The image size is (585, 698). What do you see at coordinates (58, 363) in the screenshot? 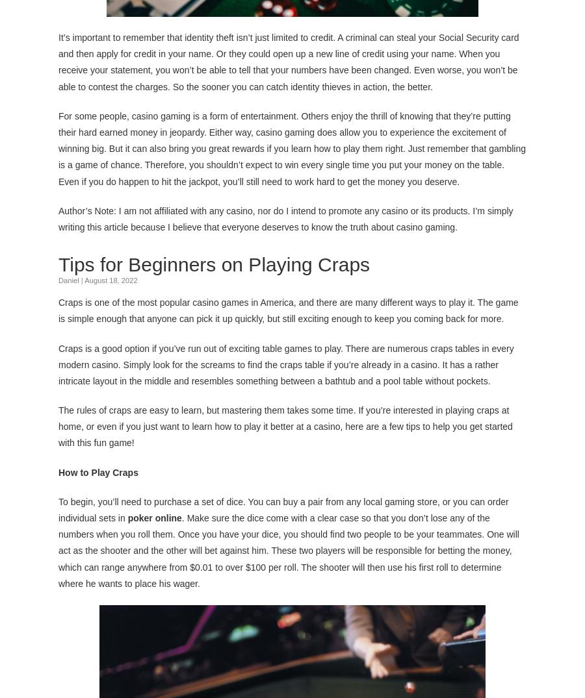
I see `'Craps is a good option if you’ve run out of exciting table games to play. There are numerous craps tables in every modern casino. Simply look for the screams to find the craps table if you’re already in a casino. It has a rather intricate layout in the middle and resembles something between a bathtub and a pool table without pockets.'` at bounding box center [58, 363].